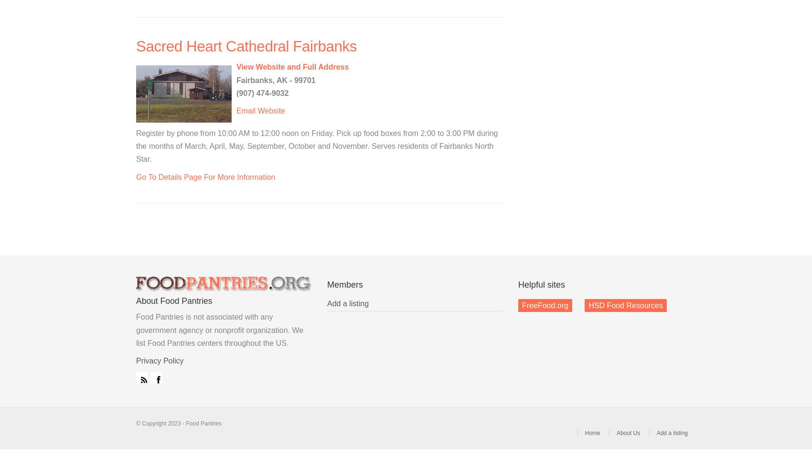 The image size is (812, 467). I want to click on 'Fairbanks, AK - 99701', so click(275, 80).